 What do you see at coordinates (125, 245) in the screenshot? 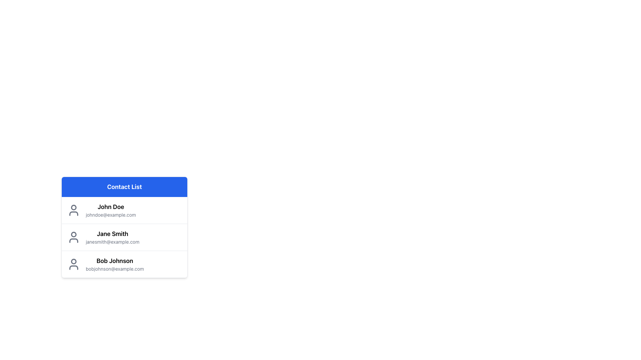
I see `the list item displaying the contact details for 'Jane Smith'` at bounding box center [125, 245].